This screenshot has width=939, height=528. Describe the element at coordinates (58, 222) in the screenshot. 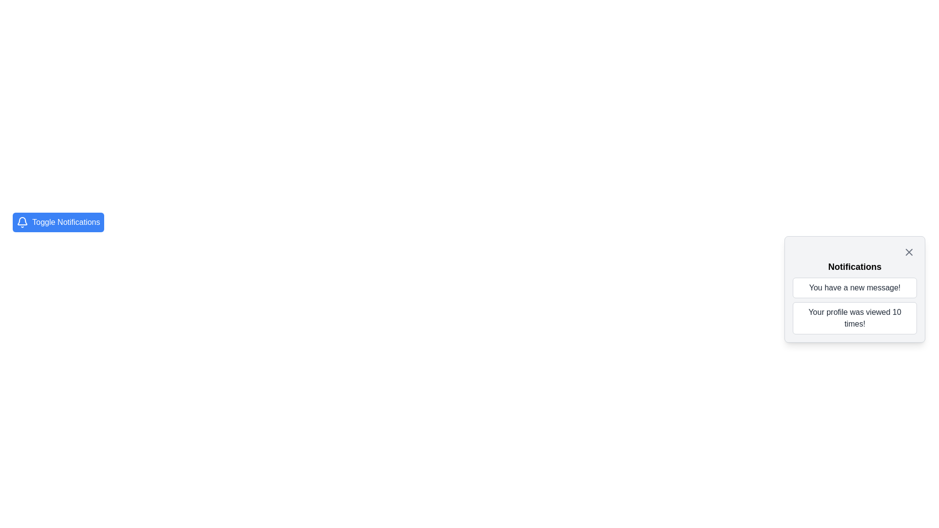

I see `the button with a blue background and white outlined bell icon labeled 'Toggle Notifications'` at that location.